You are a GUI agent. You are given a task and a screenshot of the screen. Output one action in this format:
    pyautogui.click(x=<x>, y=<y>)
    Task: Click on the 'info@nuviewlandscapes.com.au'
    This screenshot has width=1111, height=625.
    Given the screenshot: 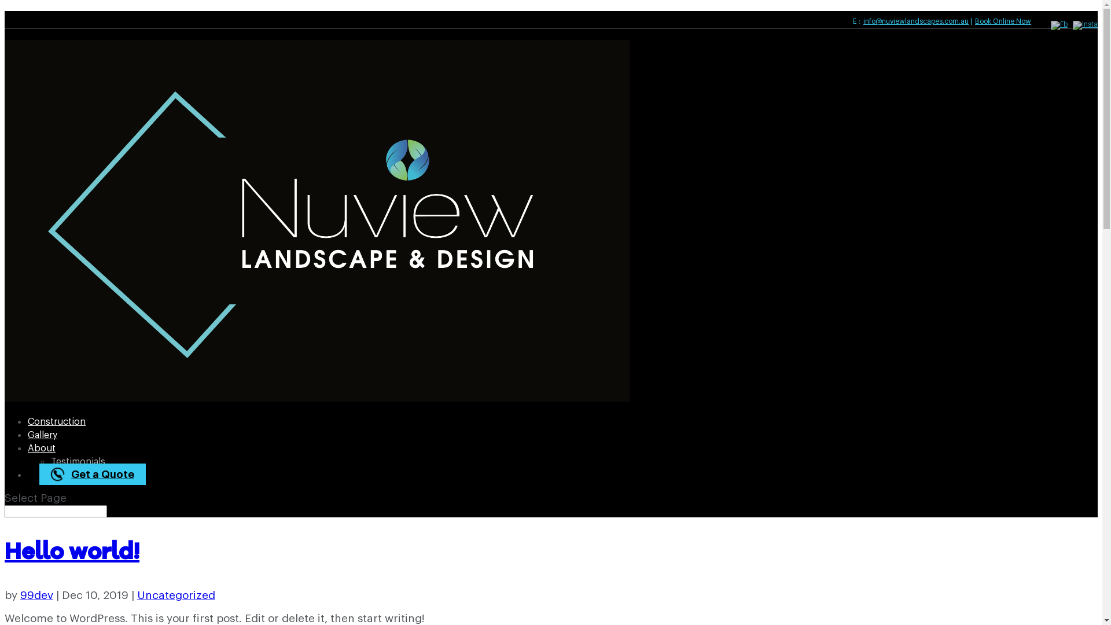 What is the action you would take?
    pyautogui.click(x=915, y=21)
    